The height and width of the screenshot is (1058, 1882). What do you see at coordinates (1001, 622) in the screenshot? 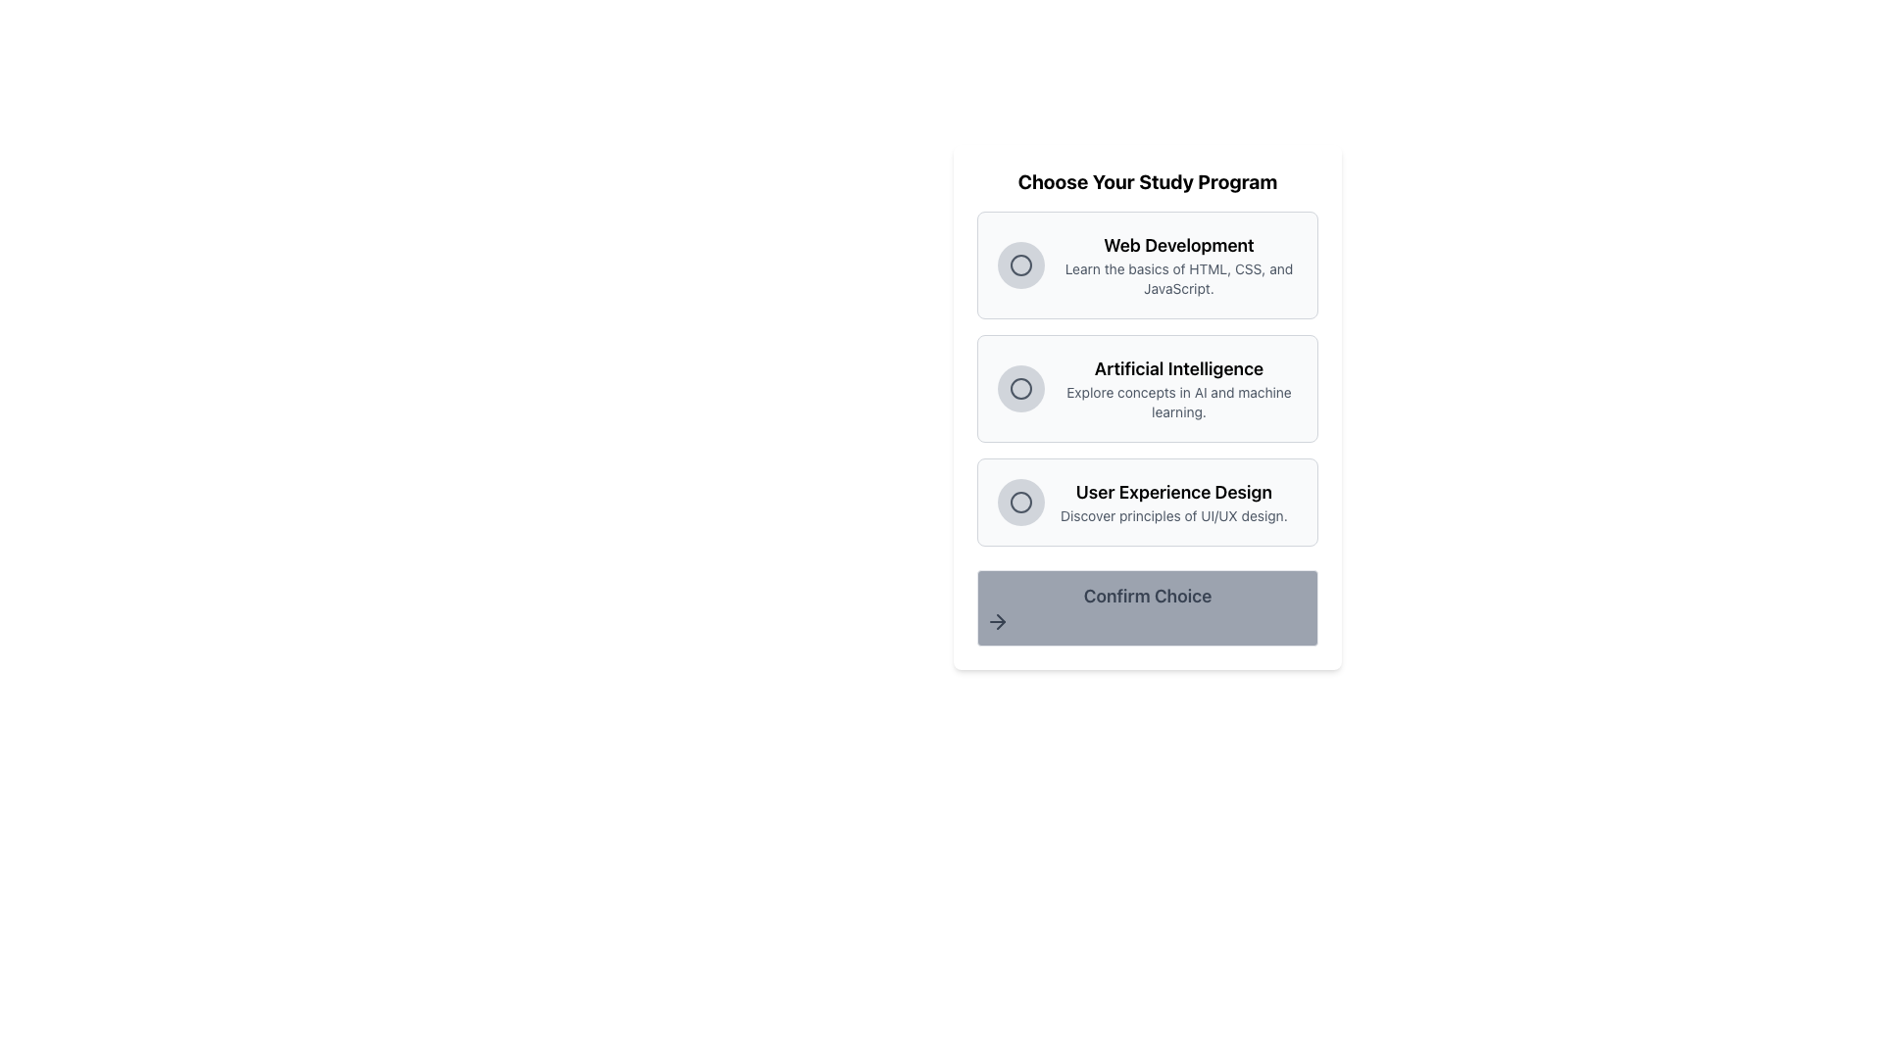
I see `the right-pointing arrow glyph within the graphical icon component, which is part of a larger icon indicating direction` at bounding box center [1001, 622].